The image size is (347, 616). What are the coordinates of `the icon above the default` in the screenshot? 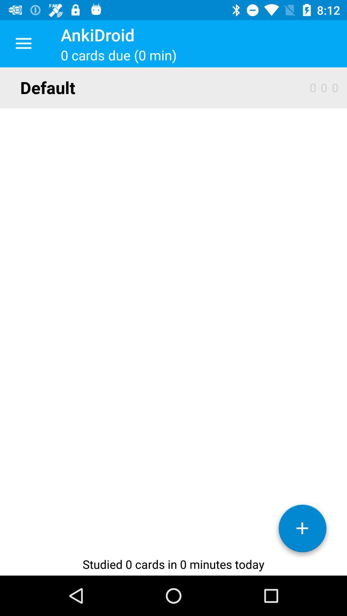 It's located at (23, 43).